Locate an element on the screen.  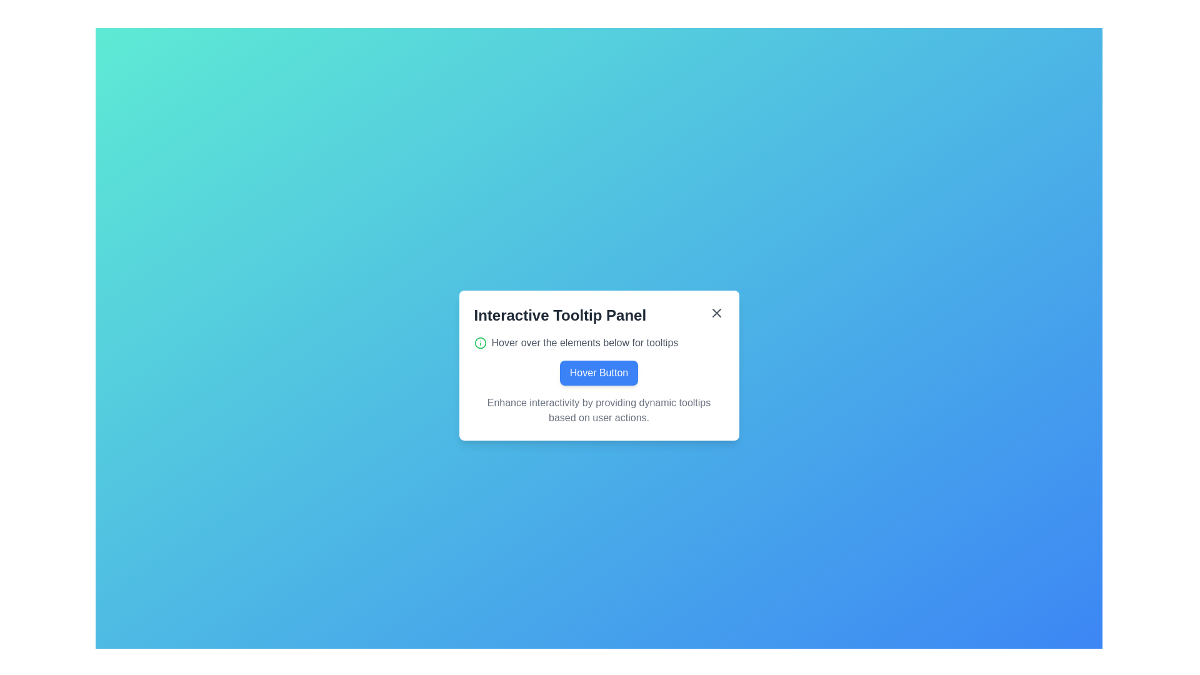
the circular information icon with a green outline is located at coordinates (479, 342).